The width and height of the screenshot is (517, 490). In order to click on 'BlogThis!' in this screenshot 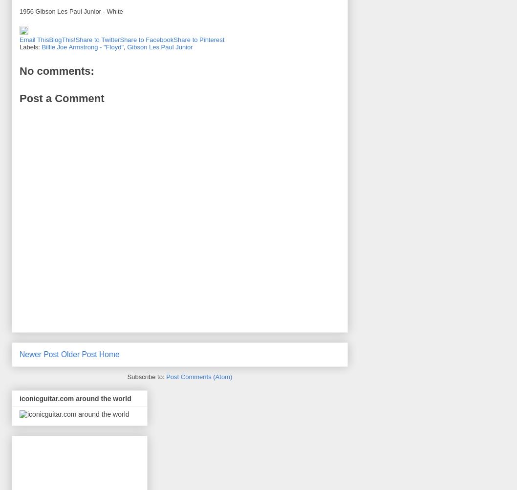, I will do `click(61, 40)`.